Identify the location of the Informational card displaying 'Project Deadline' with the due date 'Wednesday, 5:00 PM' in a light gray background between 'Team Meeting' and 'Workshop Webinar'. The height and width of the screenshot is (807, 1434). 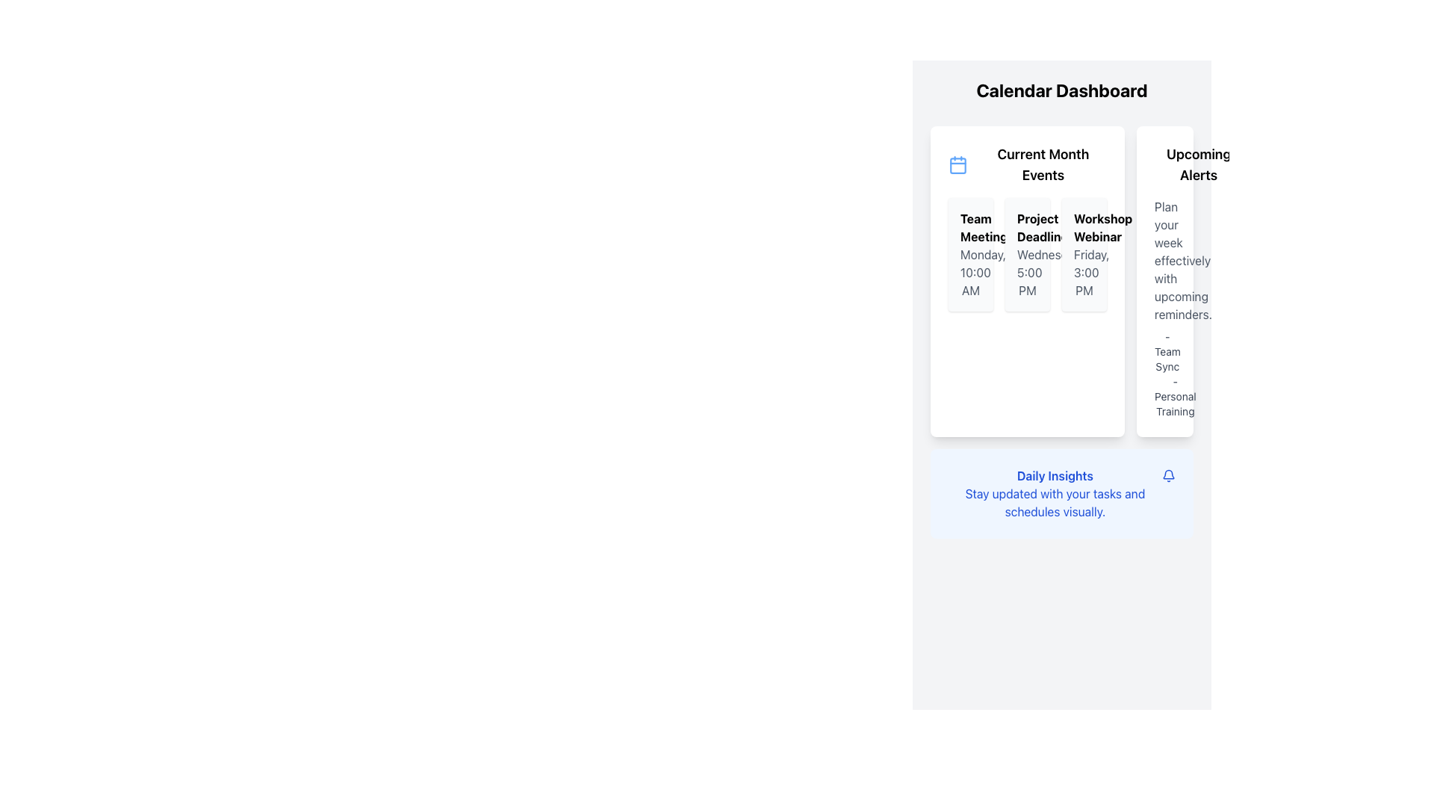
(1027, 253).